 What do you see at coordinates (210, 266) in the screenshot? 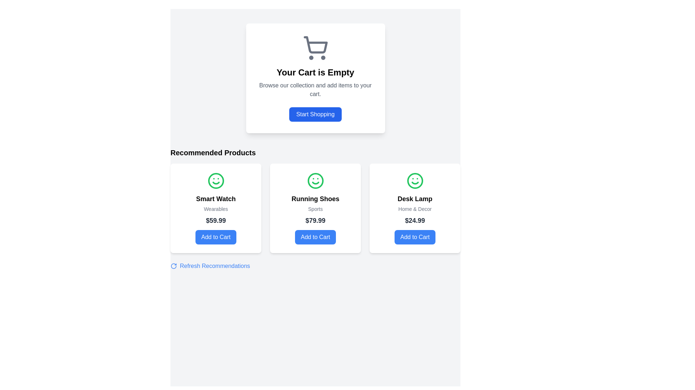
I see `the 'Refresh Recommendations' link with icon located at the bottom of the 'Recommended Products' section` at bounding box center [210, 266].